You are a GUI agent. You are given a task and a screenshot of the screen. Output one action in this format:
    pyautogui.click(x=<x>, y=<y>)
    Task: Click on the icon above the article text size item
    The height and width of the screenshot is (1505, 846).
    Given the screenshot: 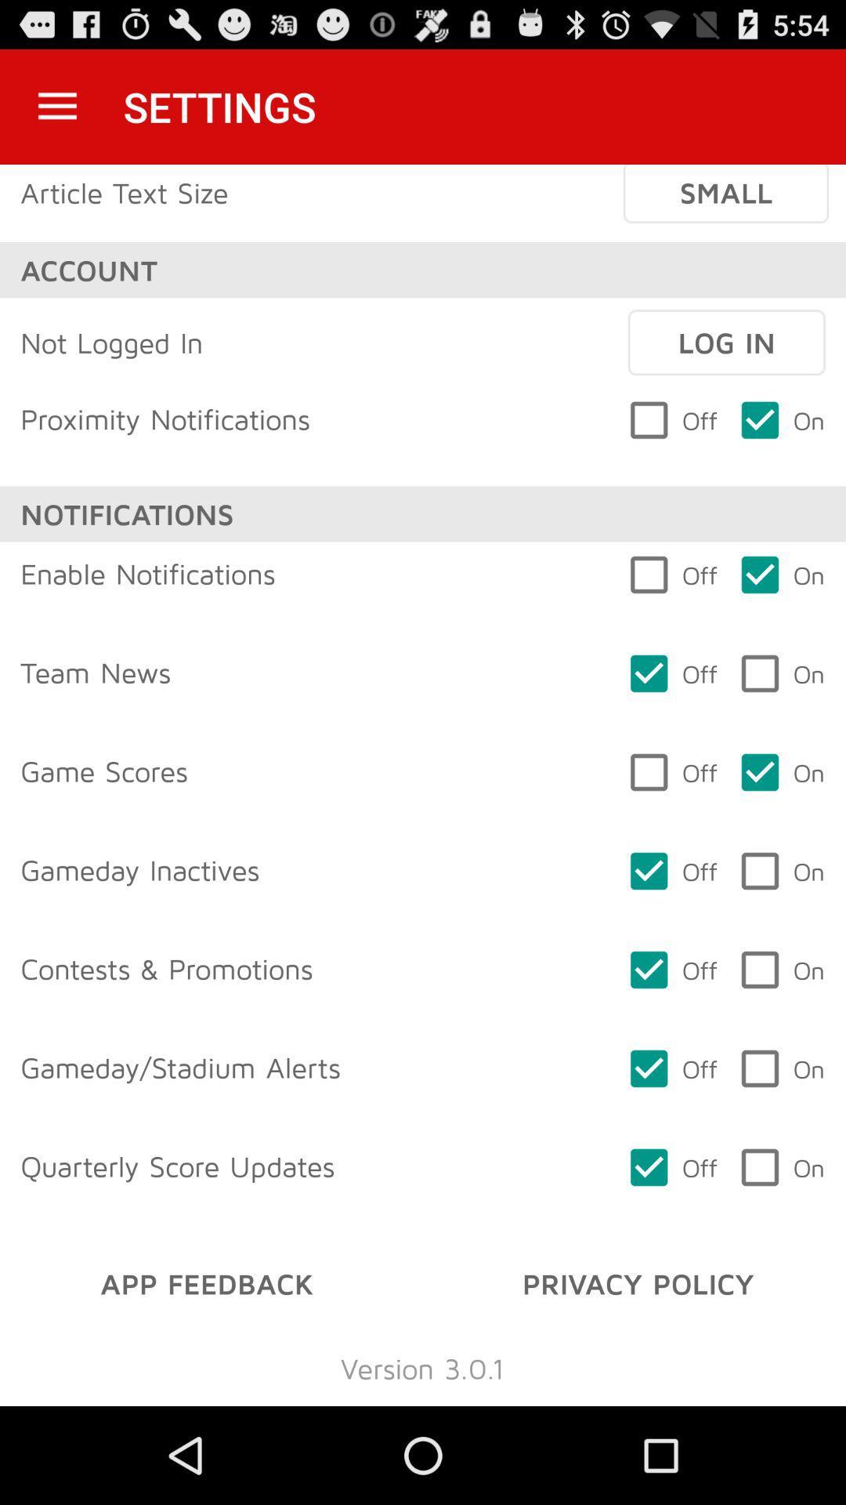 What is the action you would take?
    pyautogui.click(x=56, y=106)
    